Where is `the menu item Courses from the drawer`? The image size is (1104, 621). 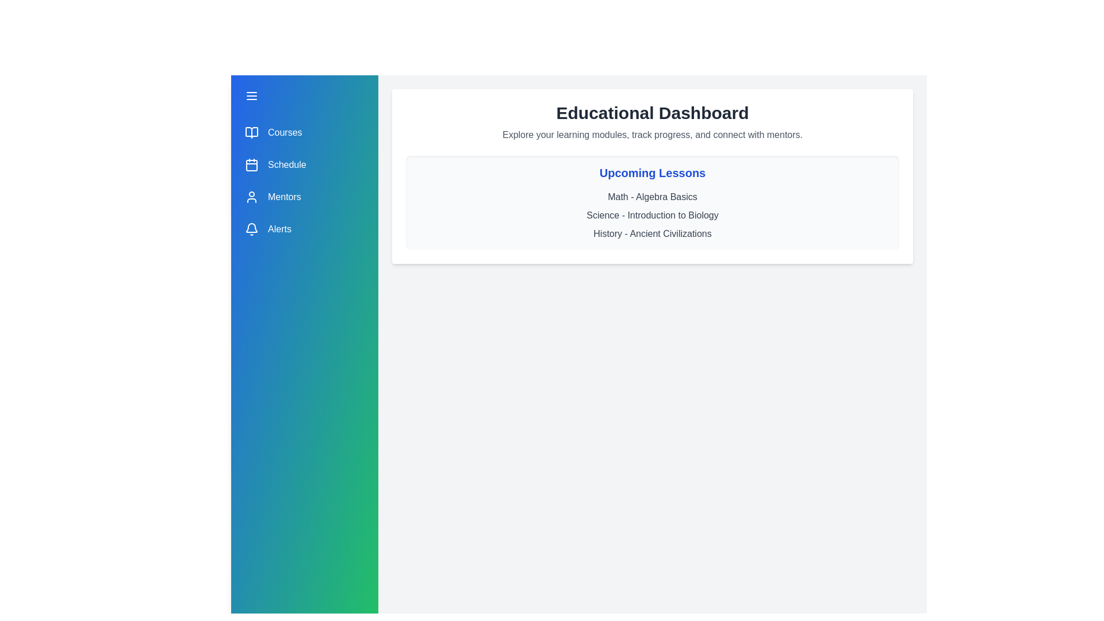
the menu item Courses from the drawer is located at coordinates (304, 132).